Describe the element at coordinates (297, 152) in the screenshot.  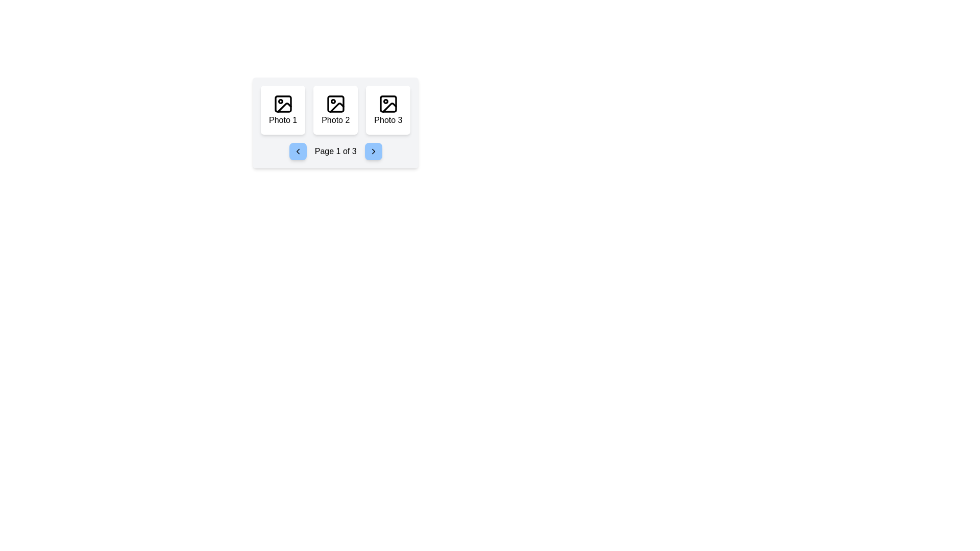
I see `the left-chevron icon button for backward navigation located in the pagination control area` at that location.